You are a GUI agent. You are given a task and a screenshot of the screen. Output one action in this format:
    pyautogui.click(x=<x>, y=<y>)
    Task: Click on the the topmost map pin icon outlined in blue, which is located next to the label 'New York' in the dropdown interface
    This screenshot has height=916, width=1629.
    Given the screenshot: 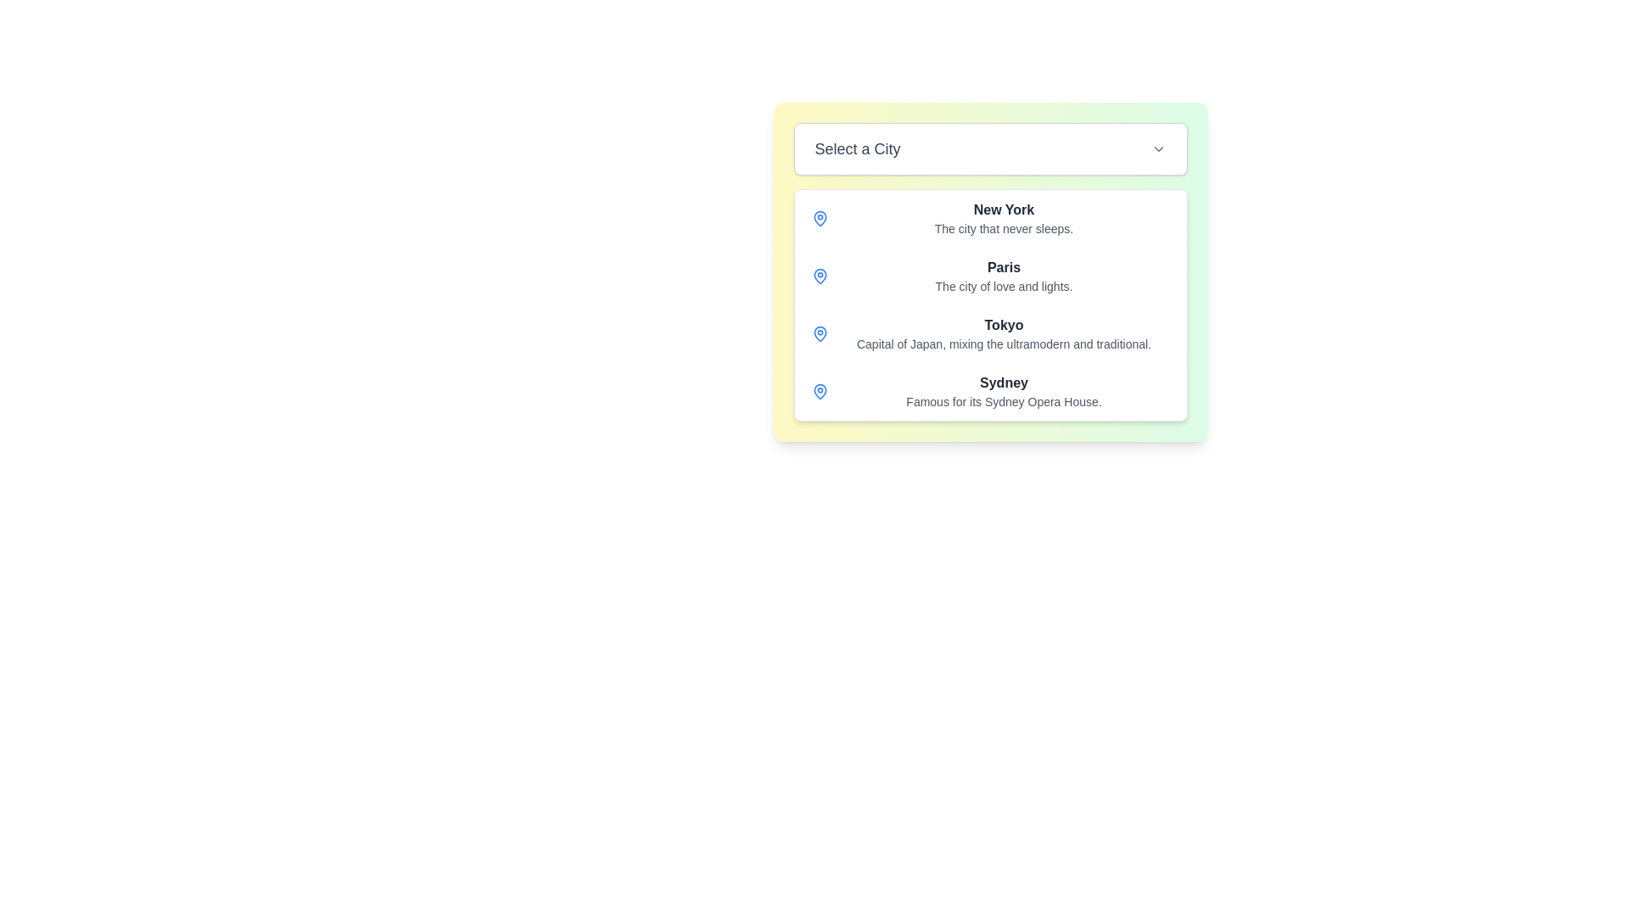 What is the action you would take?
    pyautogui.click(x=820, y=218)
    